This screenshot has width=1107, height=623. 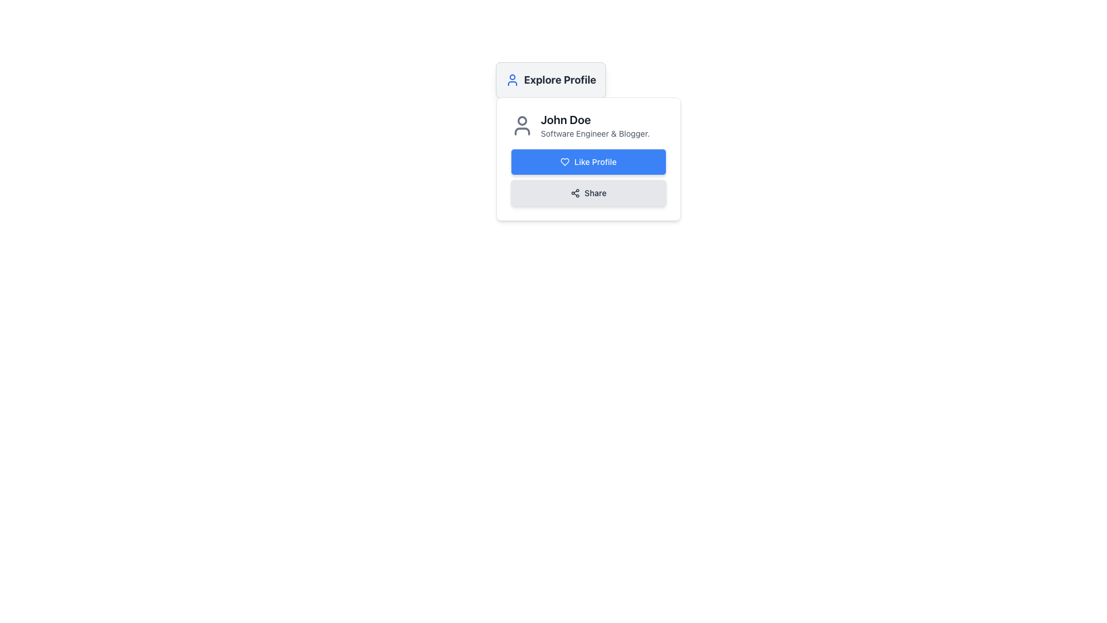 I want to click on the Decorative SVG detail located directly beneath the circular shape in the profile section of the icon, so click(x=521, y=130).